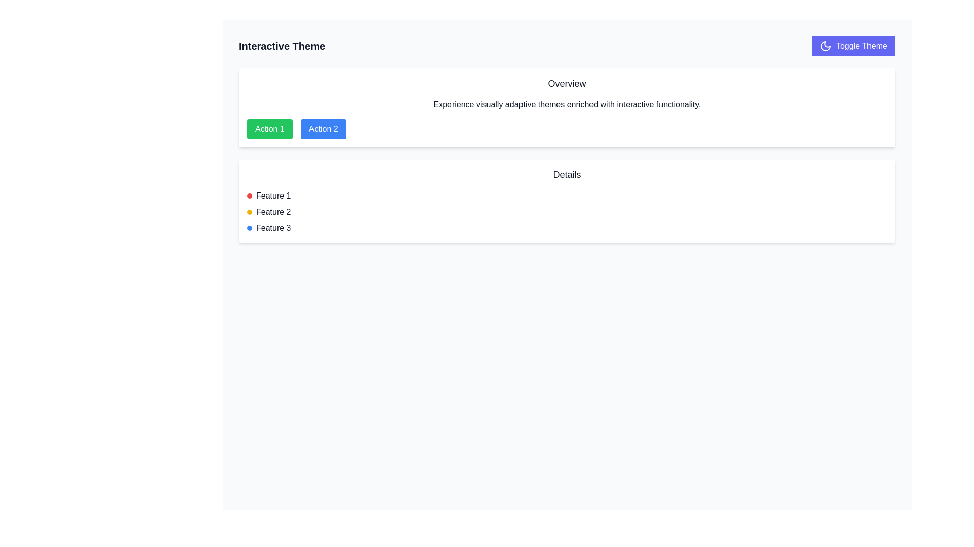  I want to click on the blue decorative dot located to the left of the text 'Feature 3' in the 'Details' section, so click(249, 228).